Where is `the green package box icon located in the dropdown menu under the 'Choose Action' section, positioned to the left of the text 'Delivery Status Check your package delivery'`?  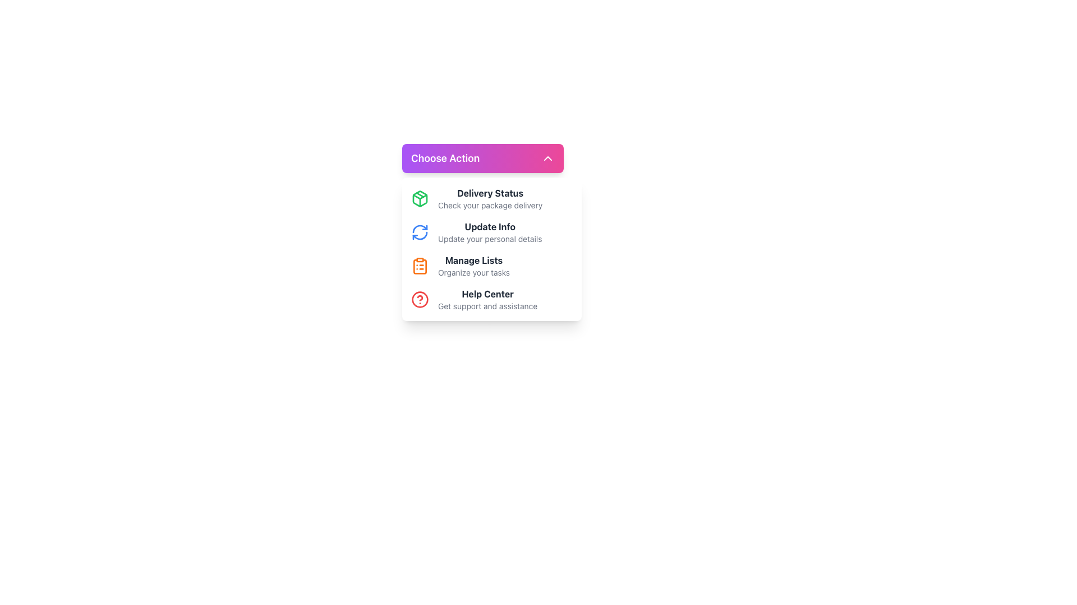 the green package box icon located in the dropdown menu under the 'Choose Action' section, positioned to the left of the text 'Delivery Status Check your package delivery' is located at coordinates (419, 198).